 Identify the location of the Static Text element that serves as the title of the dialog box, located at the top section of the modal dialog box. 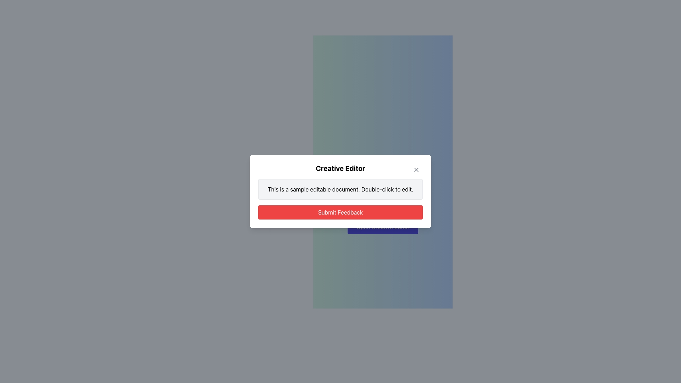
(340, 168).